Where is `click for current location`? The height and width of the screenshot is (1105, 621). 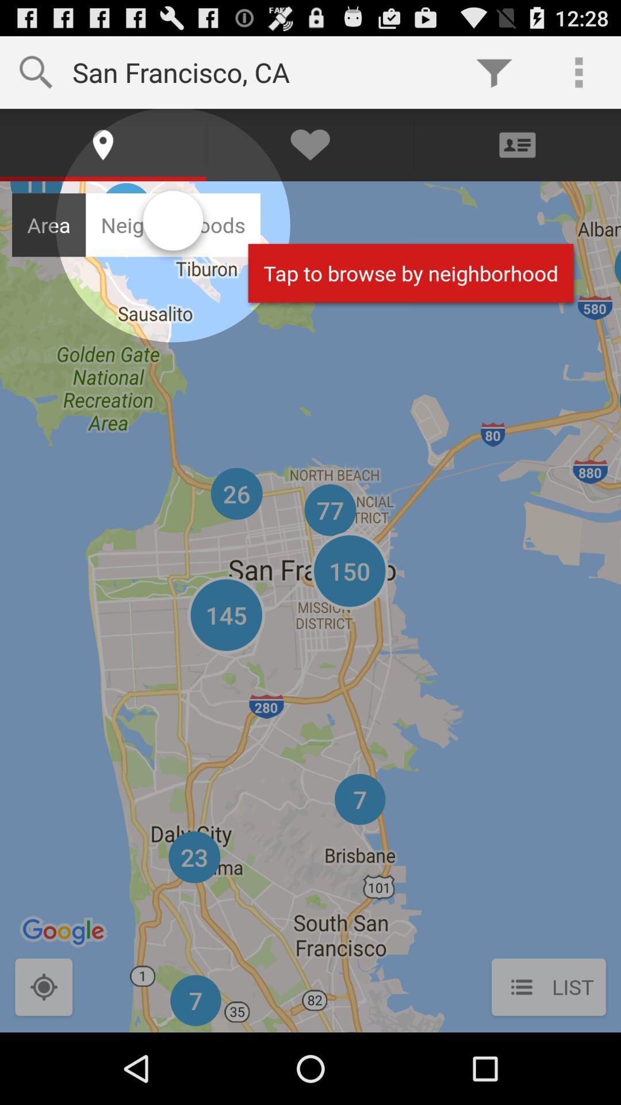 click for current location is located at coordinates (43, 988).